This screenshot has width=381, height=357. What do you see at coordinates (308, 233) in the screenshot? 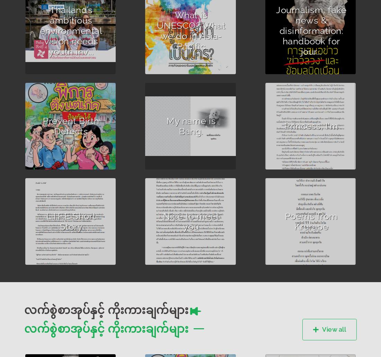
I see `'Includes poems such as encouragement poems. Anti-Covid Poems'` at bounding box center [308, 233].